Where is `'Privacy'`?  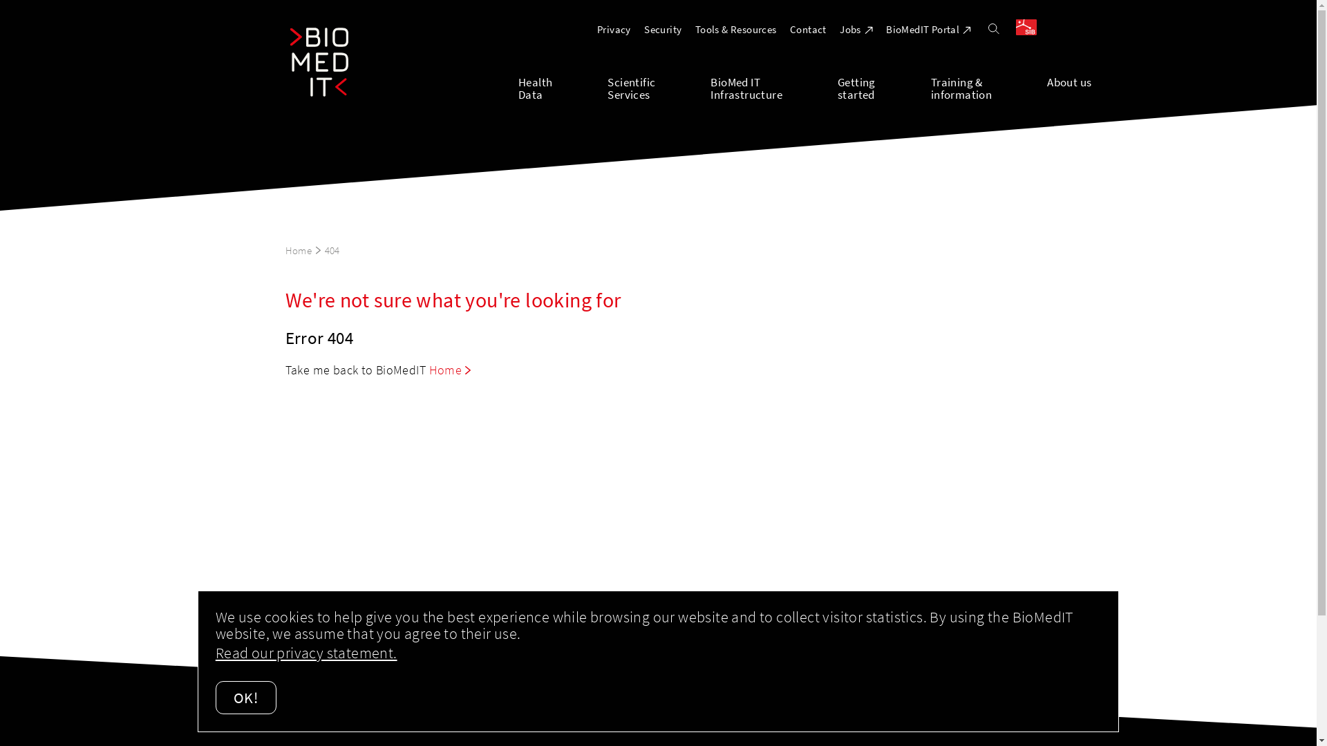 'Privacy' is located at coordinates (613, 29).